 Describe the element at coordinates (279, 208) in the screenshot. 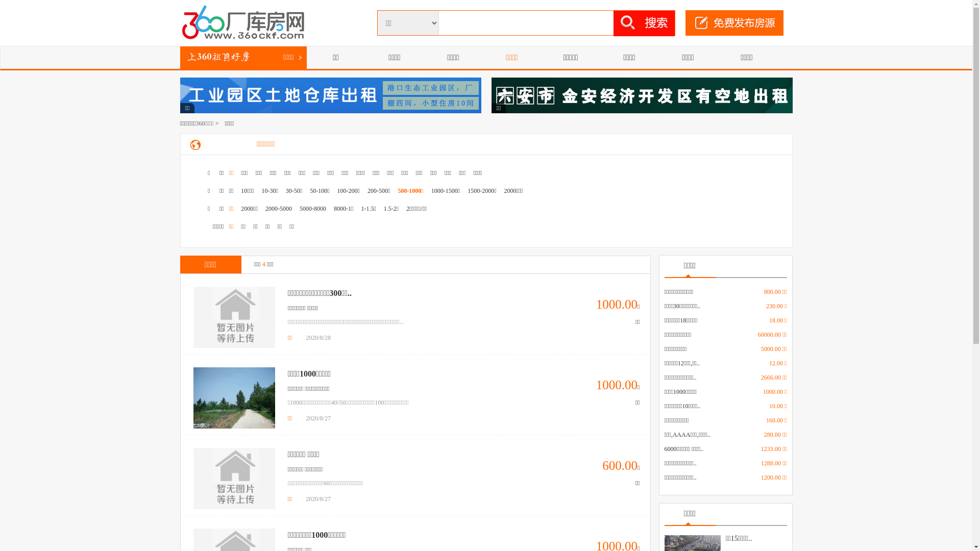

I see `'2000-5000'` at that location.